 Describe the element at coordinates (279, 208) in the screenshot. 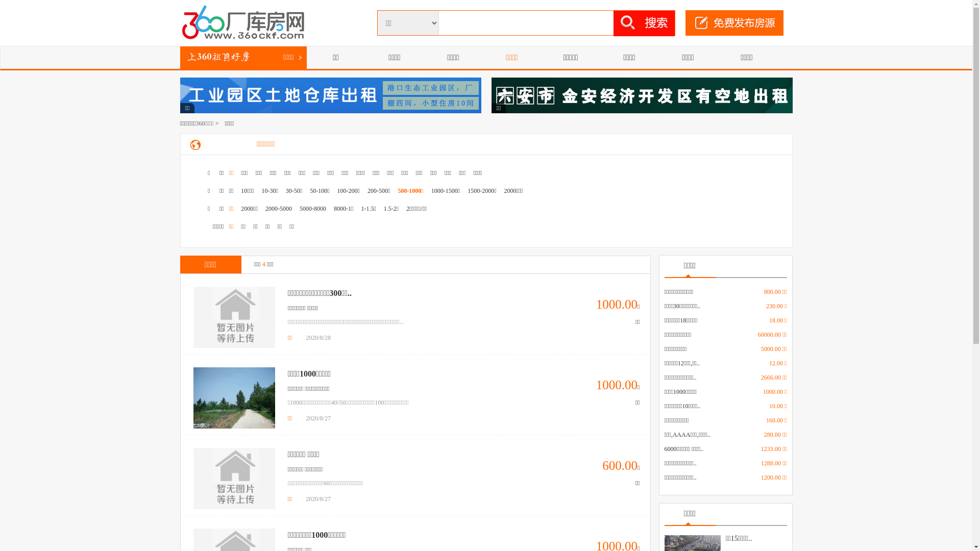

I see `'2000-5000'` at that location.